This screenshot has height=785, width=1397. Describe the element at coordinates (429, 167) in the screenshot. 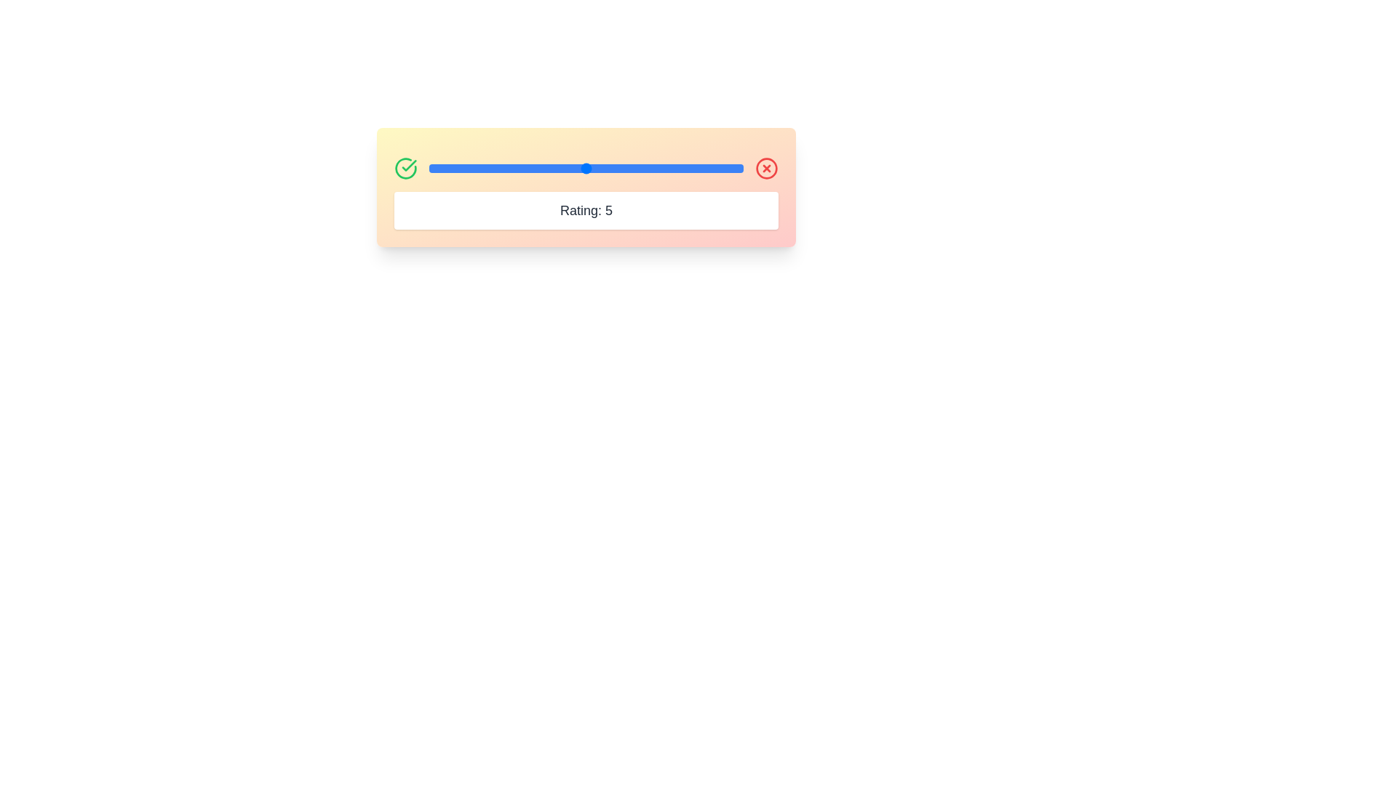

I see `the slider` at that location.